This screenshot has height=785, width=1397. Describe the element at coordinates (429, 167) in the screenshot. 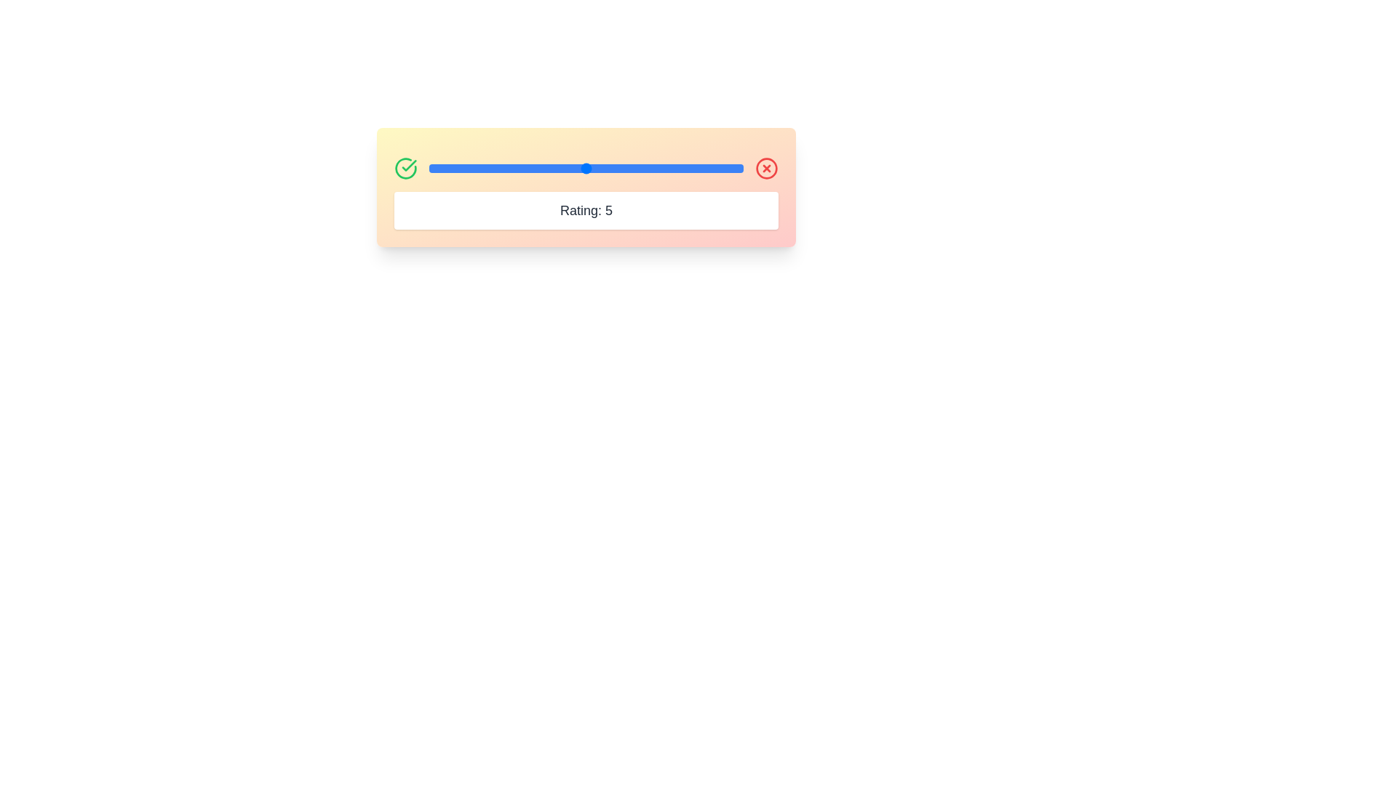

I see `the slider` at that location.